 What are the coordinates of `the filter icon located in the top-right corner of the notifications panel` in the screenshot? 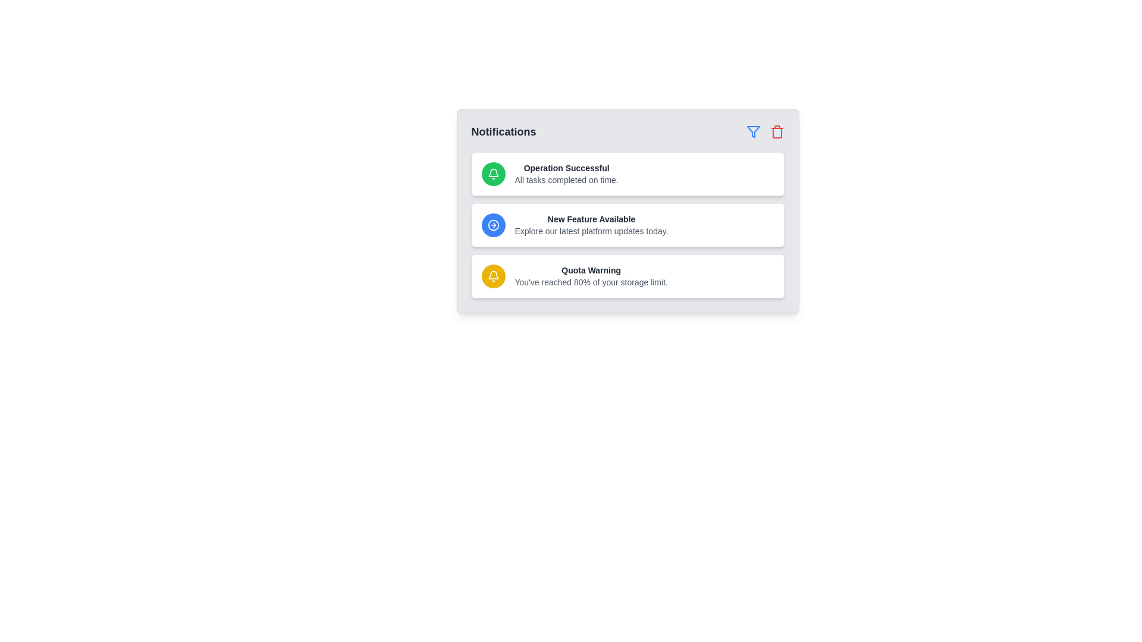 It's located at (752, 132).